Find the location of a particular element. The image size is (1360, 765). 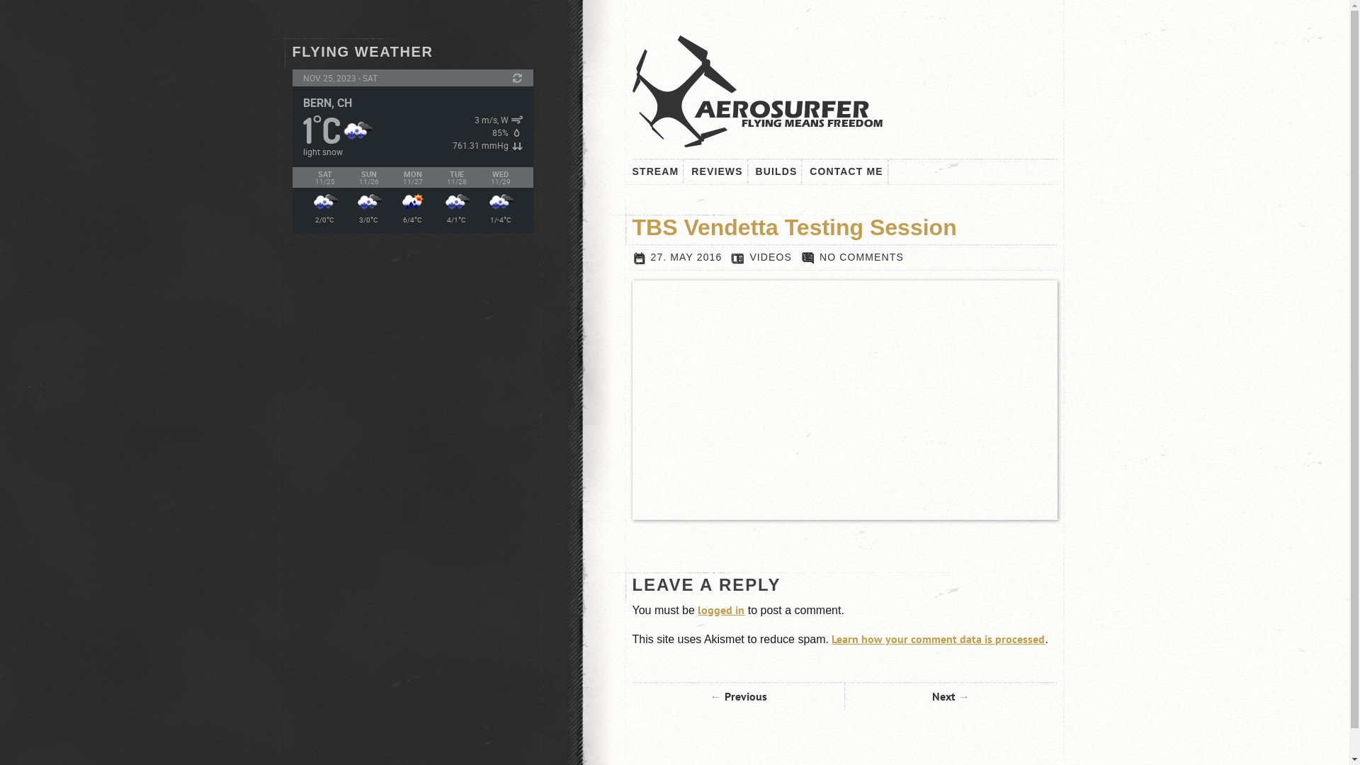

'Next' is located at coordinates (951, 696).